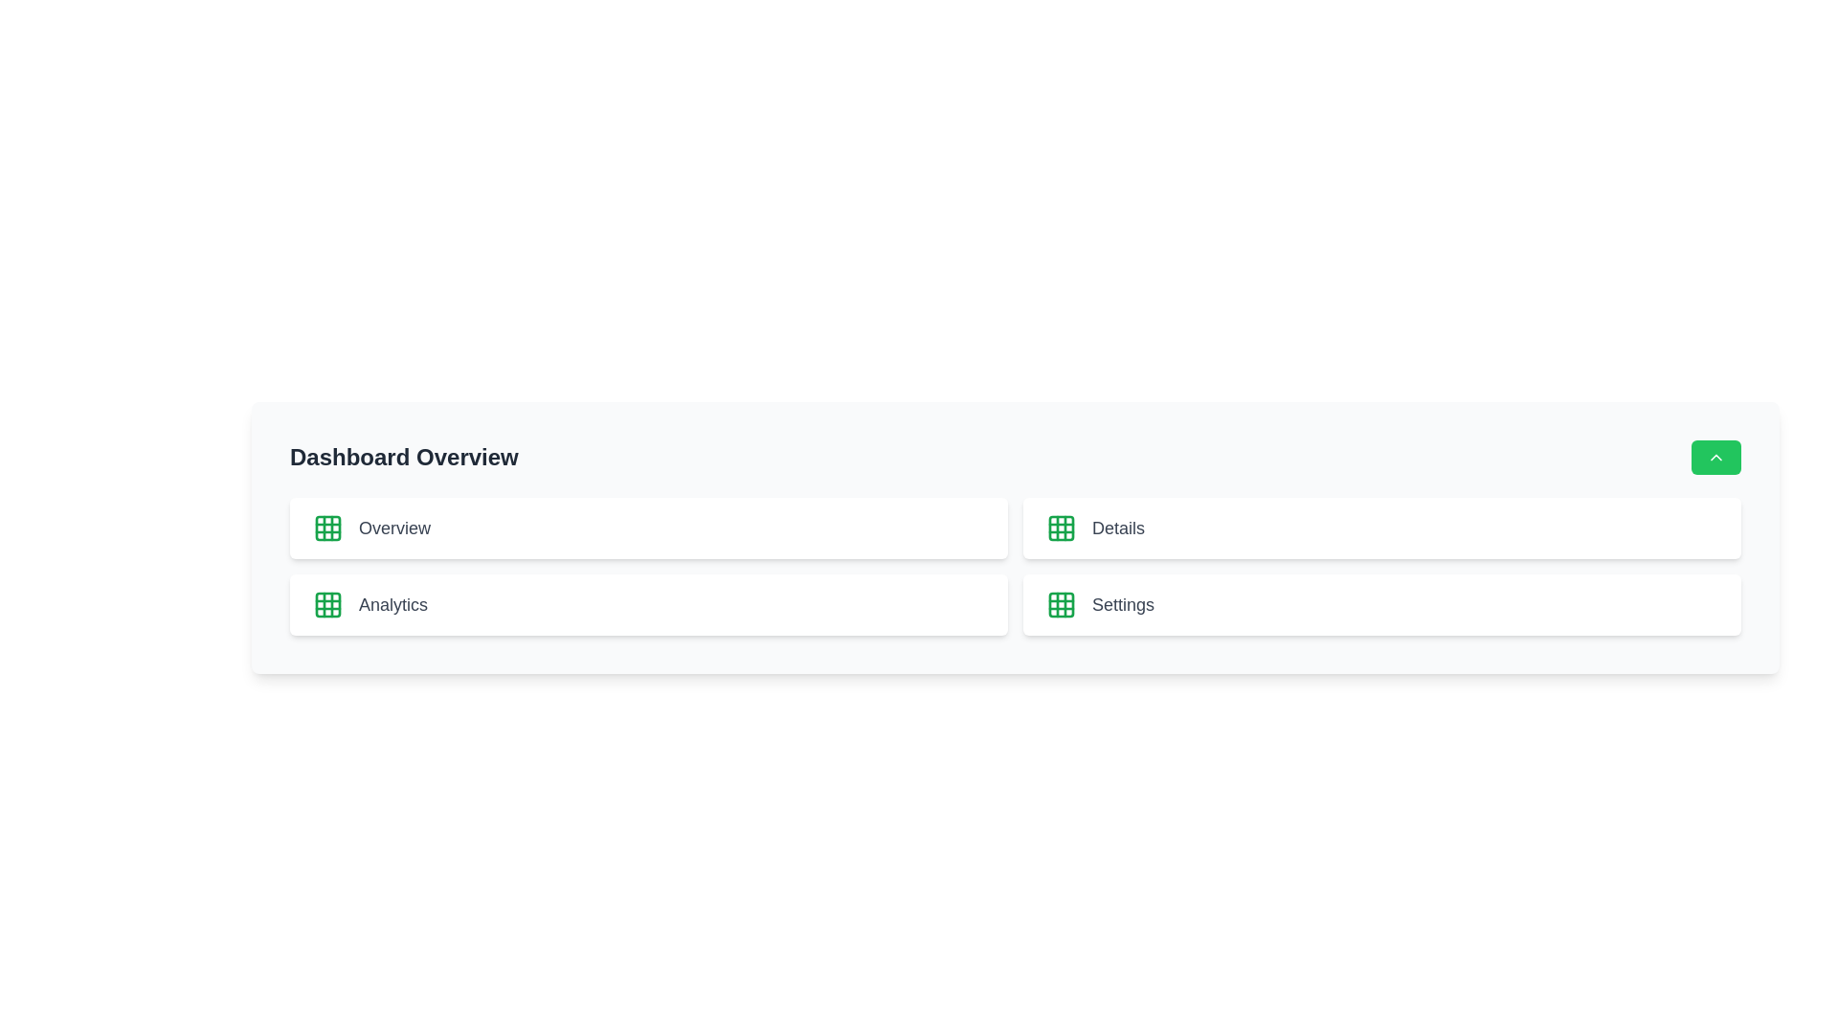 The height and width of the screenshot is (1034, 1838). Describe the element at coordinates (1382, 605) in the screenshot. I see `the navigational card in the lower-right corner of the grid layout` at that location.